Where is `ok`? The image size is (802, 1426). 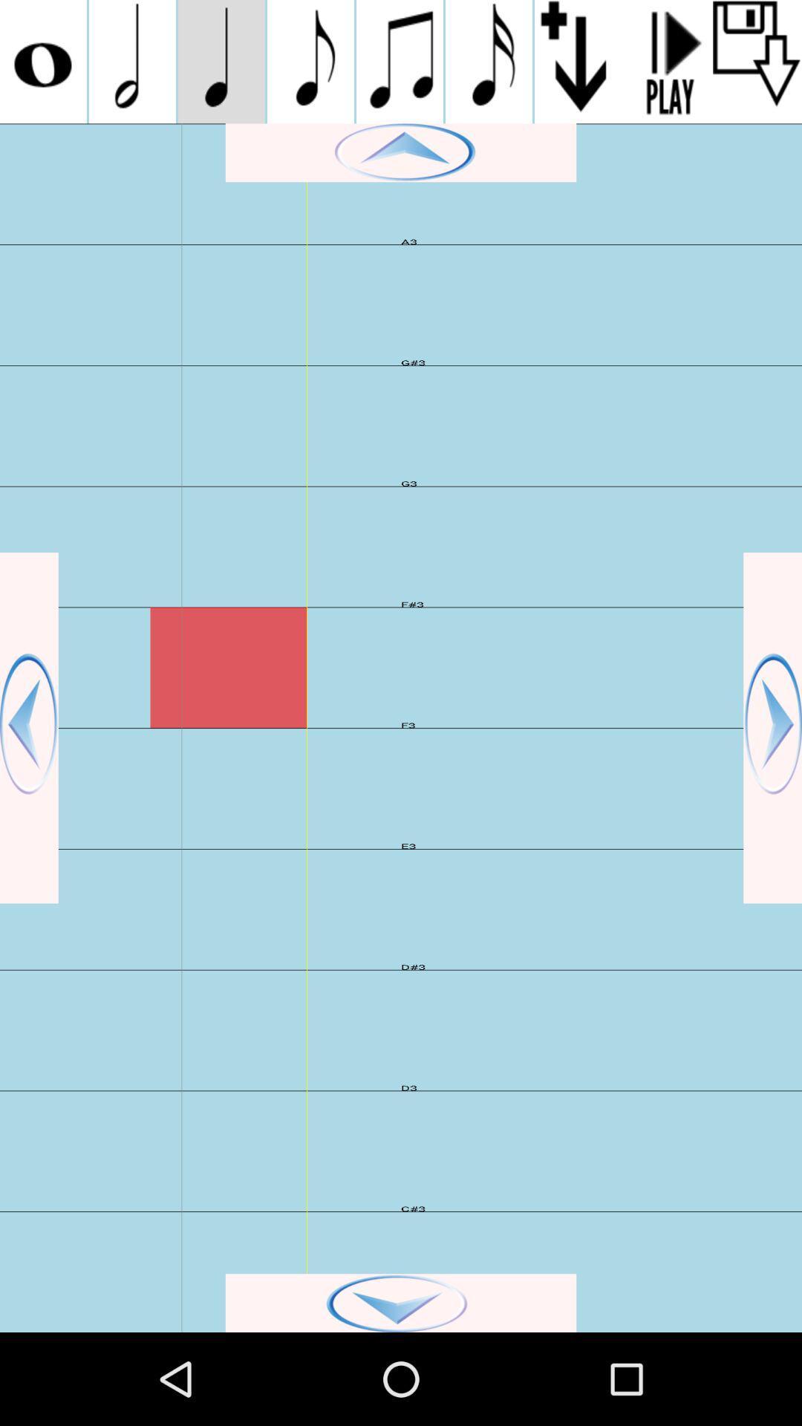 ok is located at coordinates (401, 1302).